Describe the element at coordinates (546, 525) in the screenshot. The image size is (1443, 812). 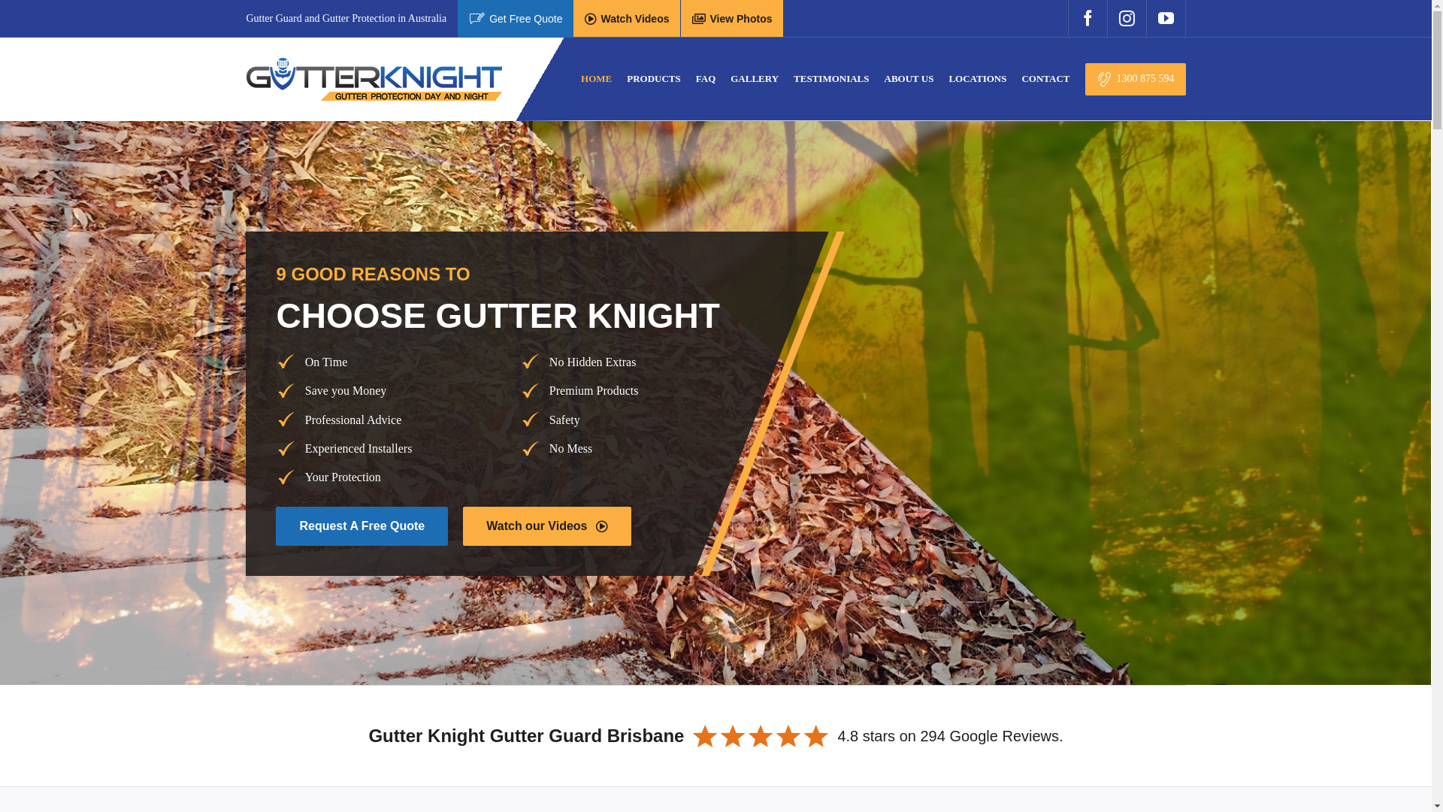
I see `'Watch our Videos'` at that location.